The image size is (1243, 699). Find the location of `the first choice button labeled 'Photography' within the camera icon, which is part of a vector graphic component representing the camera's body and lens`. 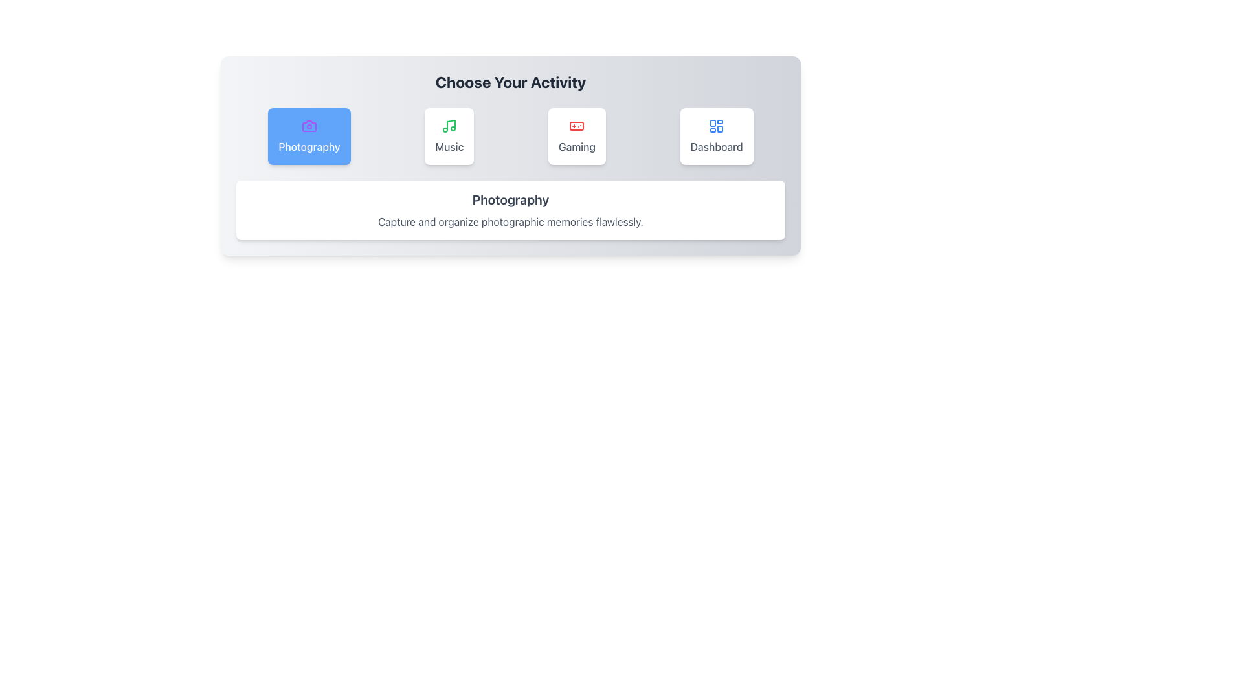

the first choice button labeled 'Photography' within the camera icon, which is part of a vector graphic component representing the camera's body and lens is located at coordinates (308, 126).